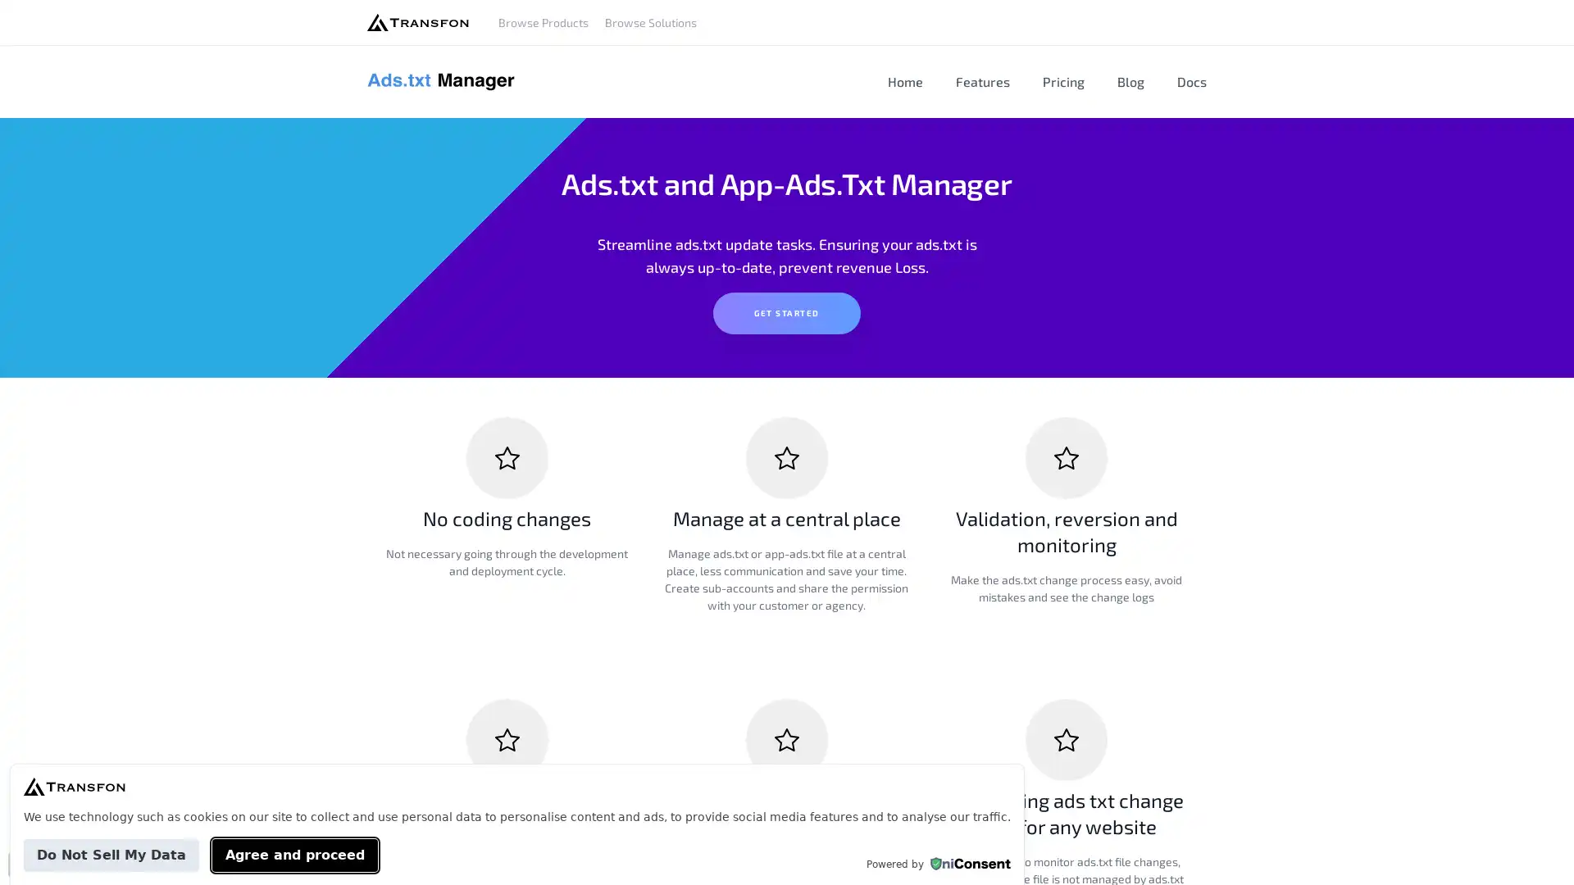 This screenshot has width=1574, height=885. Describe the element at coordinates (295, 855) in the screenshot. I see `Agree and proceed` at that location.